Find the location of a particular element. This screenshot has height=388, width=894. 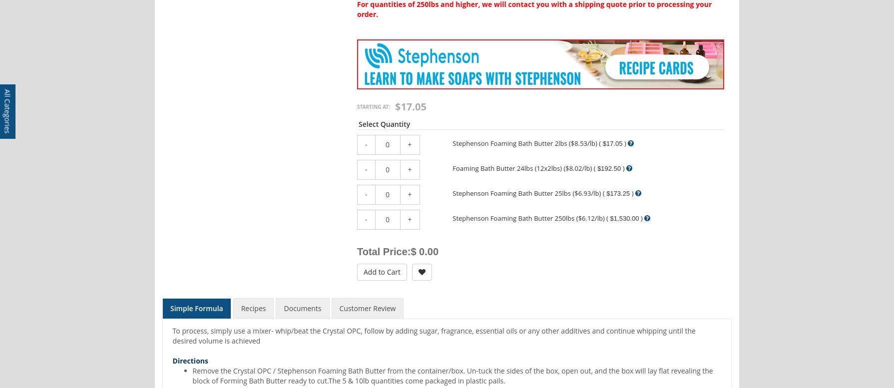

'Remove the Crystal OPC / Stephenson Foaming Bath Butter from the container/box. Un-tuck the sides of the box, open out, and the box will lay flat revealing the block of Forming Bath Butter ready to cut.The 5 & 10lb quantities come packaged in plastic pails.' is located at coordinates (452, 375).